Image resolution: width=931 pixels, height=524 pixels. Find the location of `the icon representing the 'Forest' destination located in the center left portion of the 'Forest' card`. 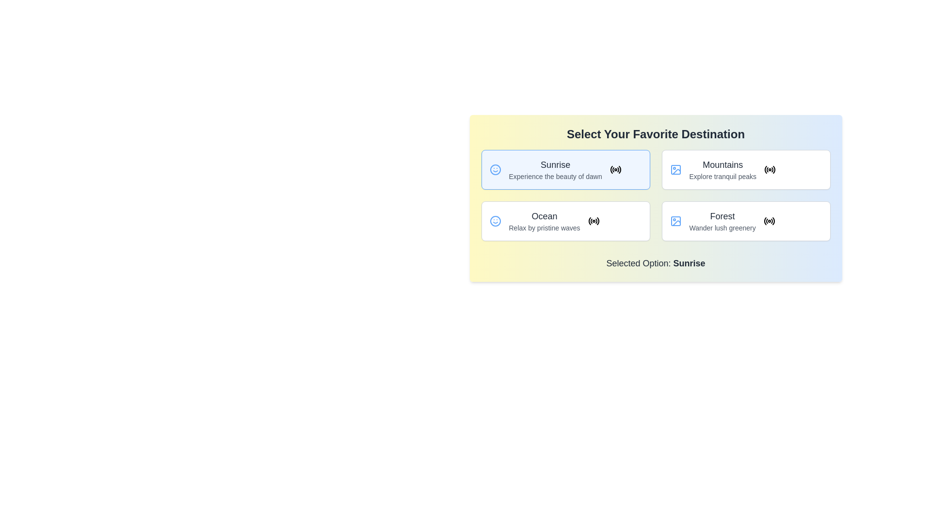

the icon representing the 'Forest' destination located in the center left portion of the 'Forest' card is located at coordinates (675, 221).